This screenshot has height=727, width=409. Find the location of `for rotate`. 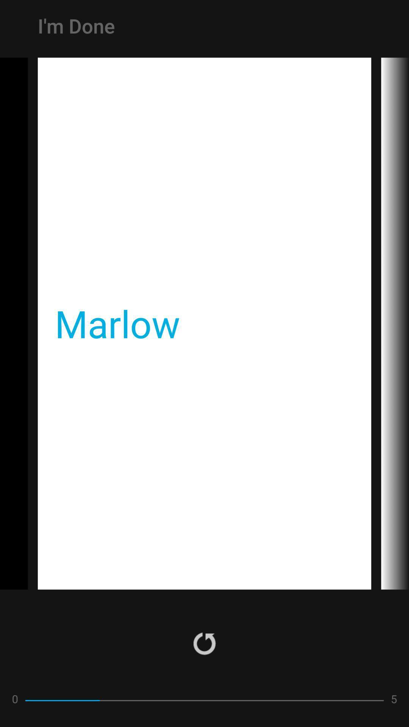

for rotate is located at coordinates (204, 643).